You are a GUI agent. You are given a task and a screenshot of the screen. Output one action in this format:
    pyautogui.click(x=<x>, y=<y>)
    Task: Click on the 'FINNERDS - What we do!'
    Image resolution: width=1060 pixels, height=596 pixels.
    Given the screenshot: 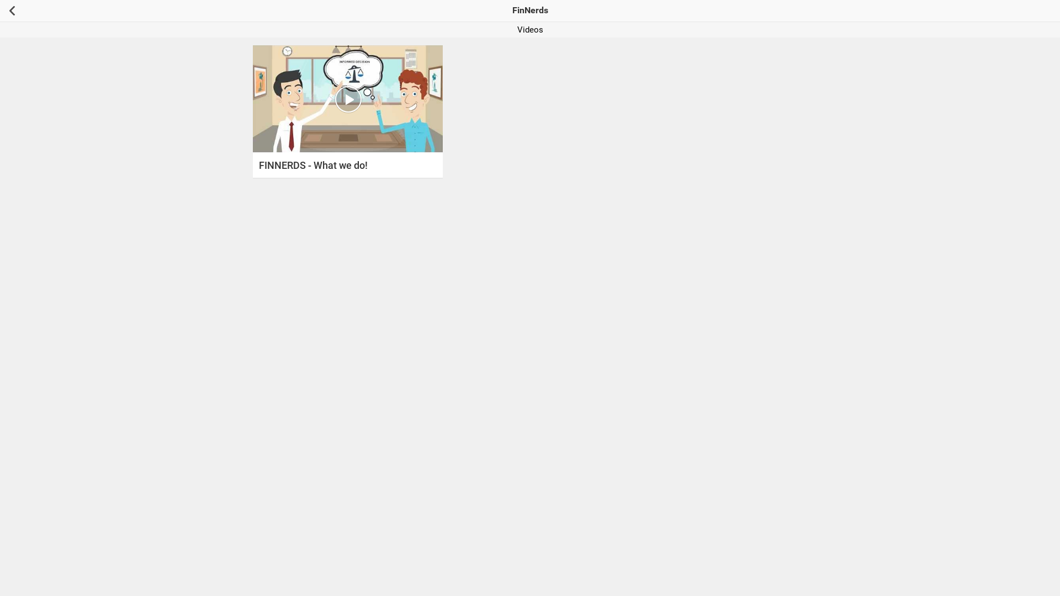 What is the action you would take?
    pyautogui.click(x=347, y=164)
    